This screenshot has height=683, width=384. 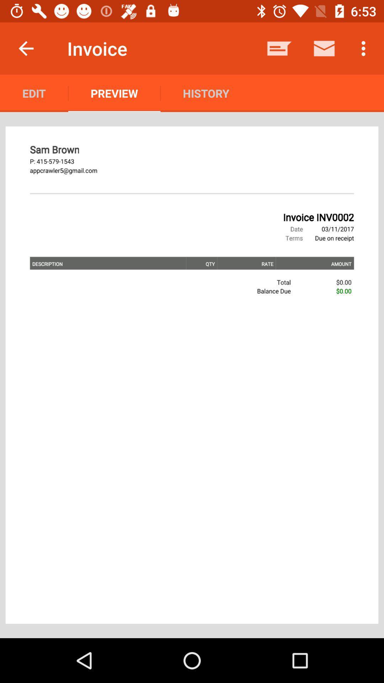 I want to click on app next to the preview item, so click(x=206, y=93).